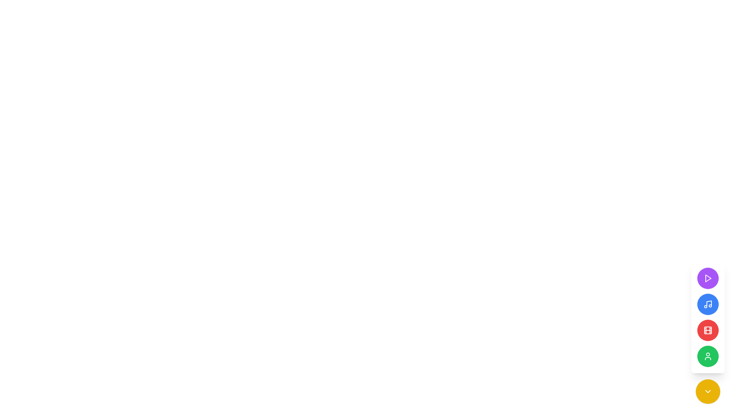 The width and height of the screenshot is (734, 413). Describe the element at coordinates (708, 330) in the screenshot. I see `the third button in the vertical sequence, positioned below the blue music note button and above the green user profile button` at that location.